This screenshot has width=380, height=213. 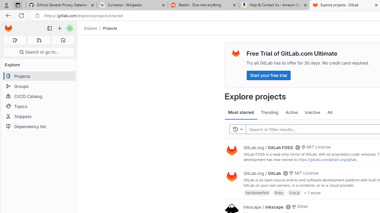 What do you see at coordinates (61, 5) in the screenshot?
I see `'GitHub General Privacy Statement - GitHub Docs'` at bounding box center [61, 5].